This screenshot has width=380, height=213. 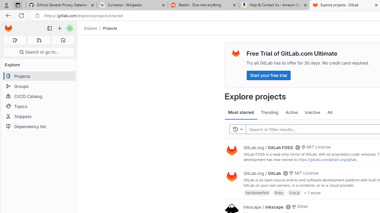 What do you see at coordinates (61, 5) in the screenshot?
I see `'GitHub General Privacy Statement - GitHub Docs'` at bounding box center [61, 5].